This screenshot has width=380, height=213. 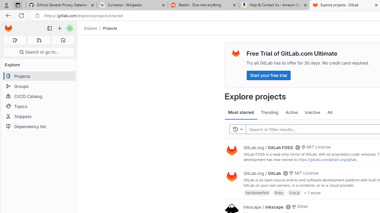 What do you see at coordinates (61, 5) in the screenshot?
I see `'GitHub General Privacy Statement - GitHub Docs'` at bounding box center [61, 5].